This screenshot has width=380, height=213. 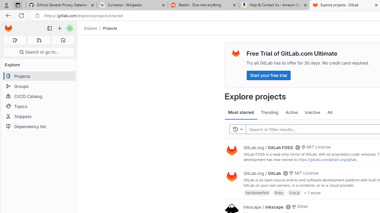 What do you see at coordinates (61, 5) in the screenshot?
I see `'GitHub General Privacy Statement - GitHub Docs'` at bounding box center [61, 5].